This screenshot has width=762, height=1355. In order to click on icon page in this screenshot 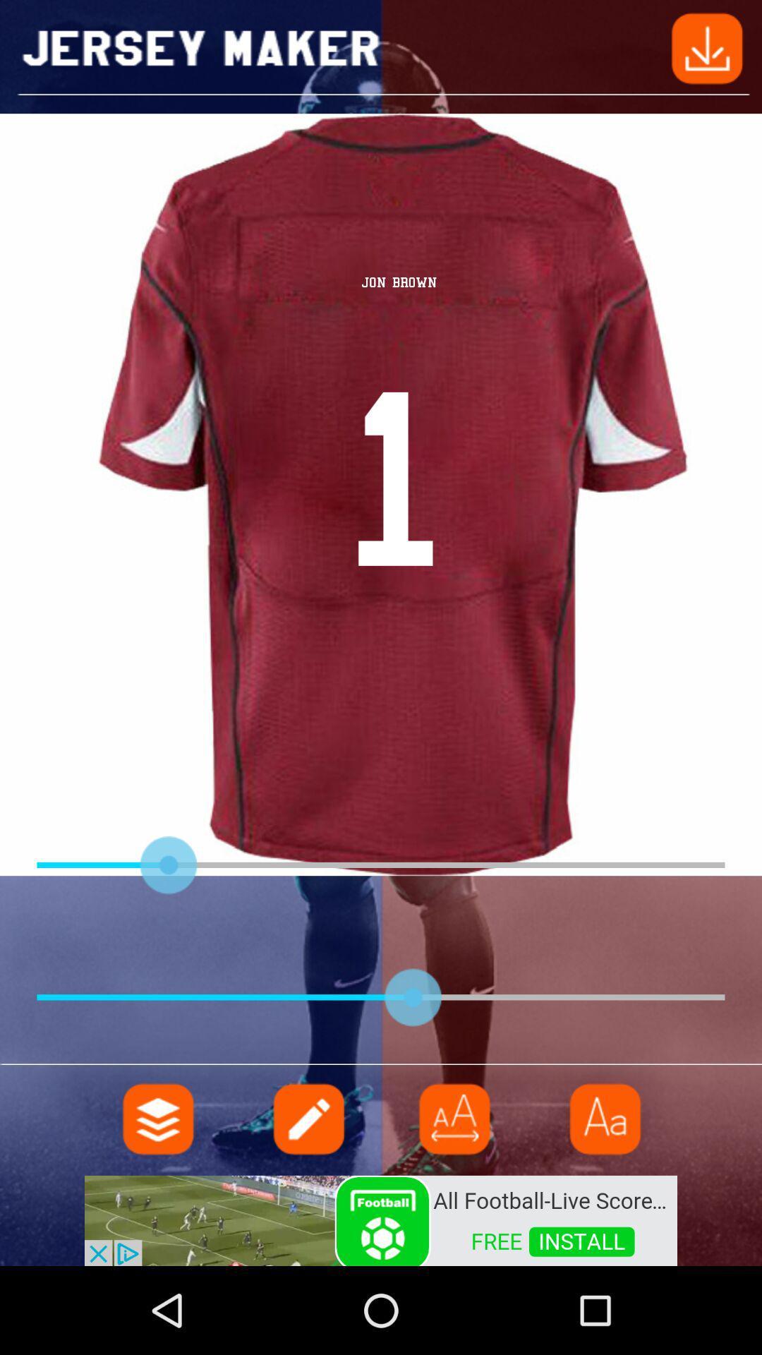, I will do `click(603, 1118)`.